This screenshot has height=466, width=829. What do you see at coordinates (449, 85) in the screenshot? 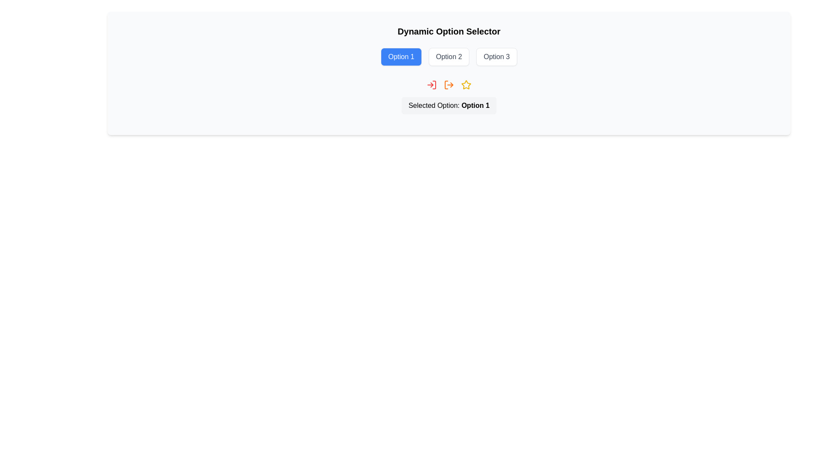
I see `the orange icon depicting a sign out action, which is the third item in a horizontal group of icons below the buttons labeled Option 1, Option 2, and Option 3` at bounding box center [449, 85].